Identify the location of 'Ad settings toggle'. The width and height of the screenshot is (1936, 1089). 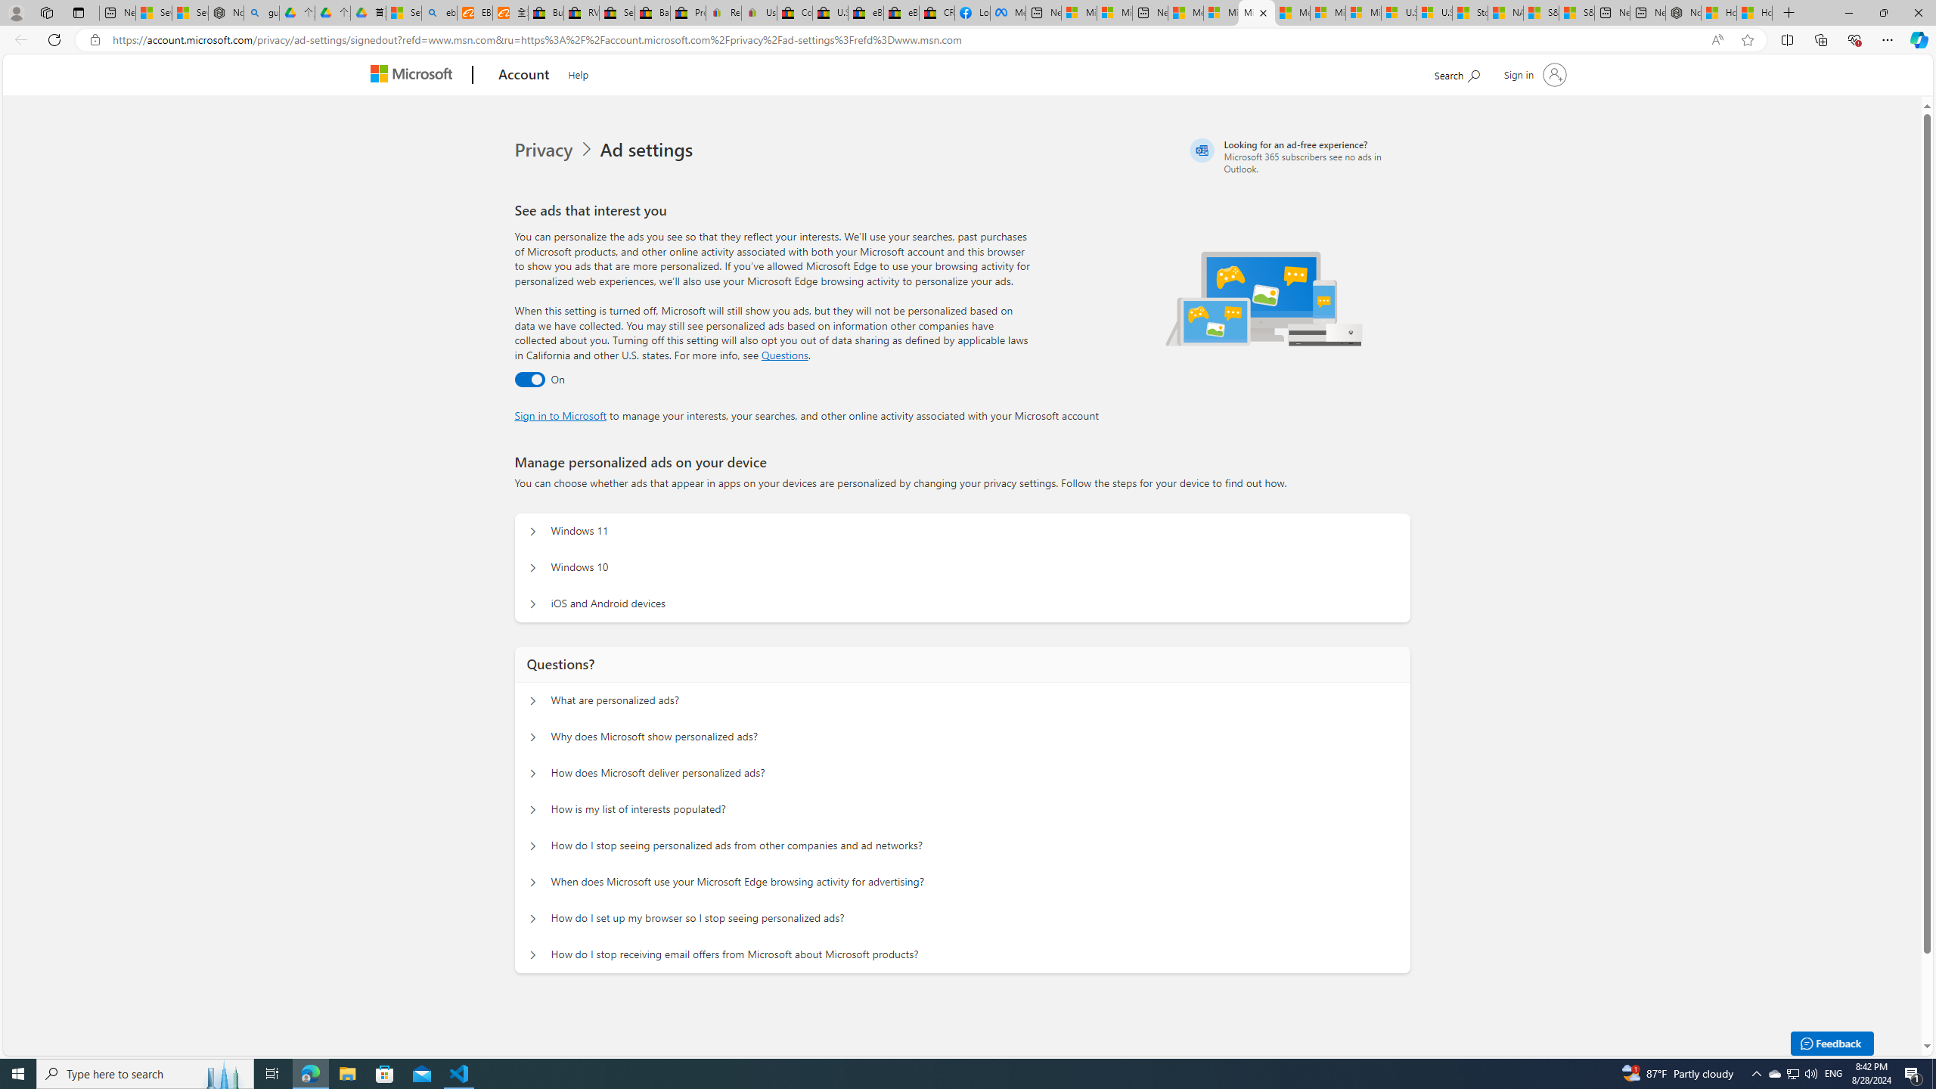
(530, 379).